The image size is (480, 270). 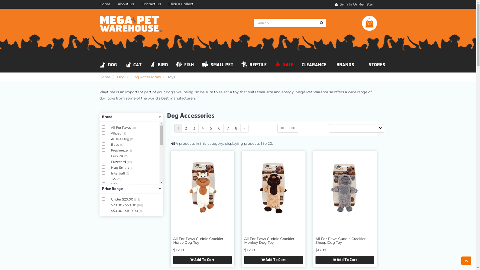 I want to click on 'Contact Us', so click(x=151, y=4).